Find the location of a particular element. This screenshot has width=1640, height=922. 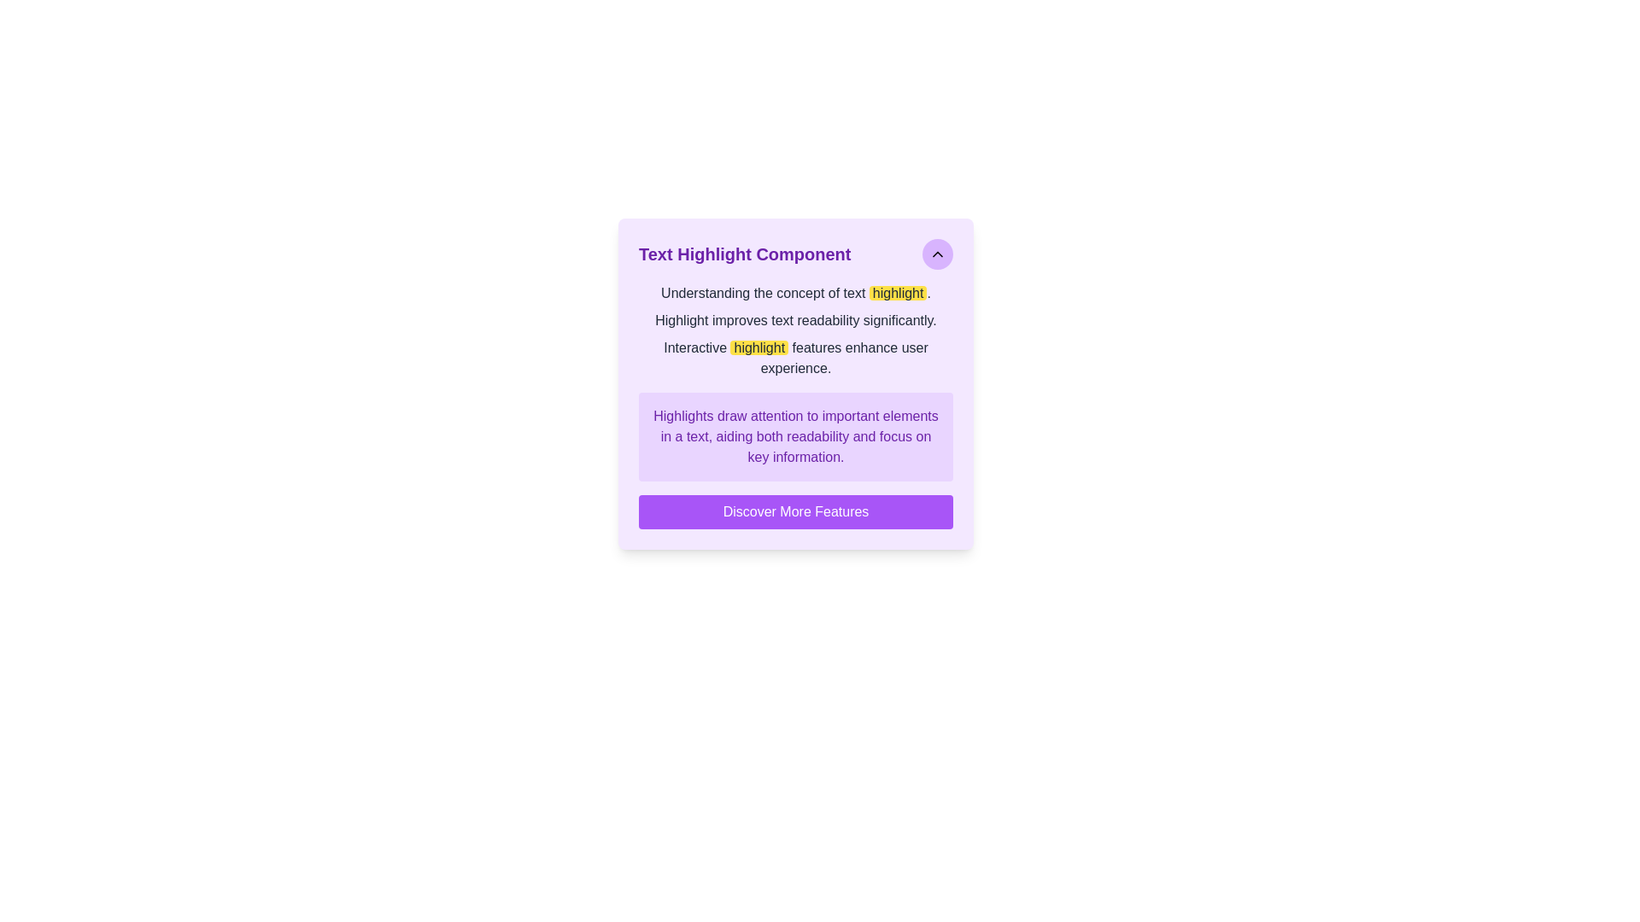

the purple rounded button with an upward chevron icon located in the top-right section of the 'Text Highlight Component' is located at coordinates (937, 254).